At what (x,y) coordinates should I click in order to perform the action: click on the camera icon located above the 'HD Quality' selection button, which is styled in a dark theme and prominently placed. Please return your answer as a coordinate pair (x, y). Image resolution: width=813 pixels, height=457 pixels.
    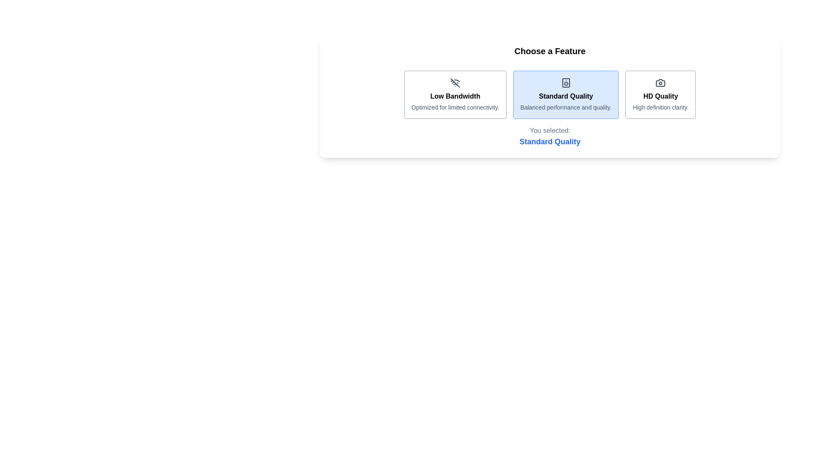
    Looking at the image, I should click on (660, 83).